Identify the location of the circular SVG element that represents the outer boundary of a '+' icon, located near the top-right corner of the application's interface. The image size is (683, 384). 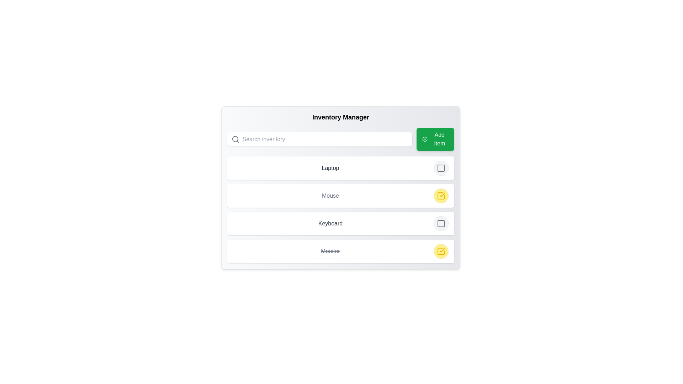
(425, 139).